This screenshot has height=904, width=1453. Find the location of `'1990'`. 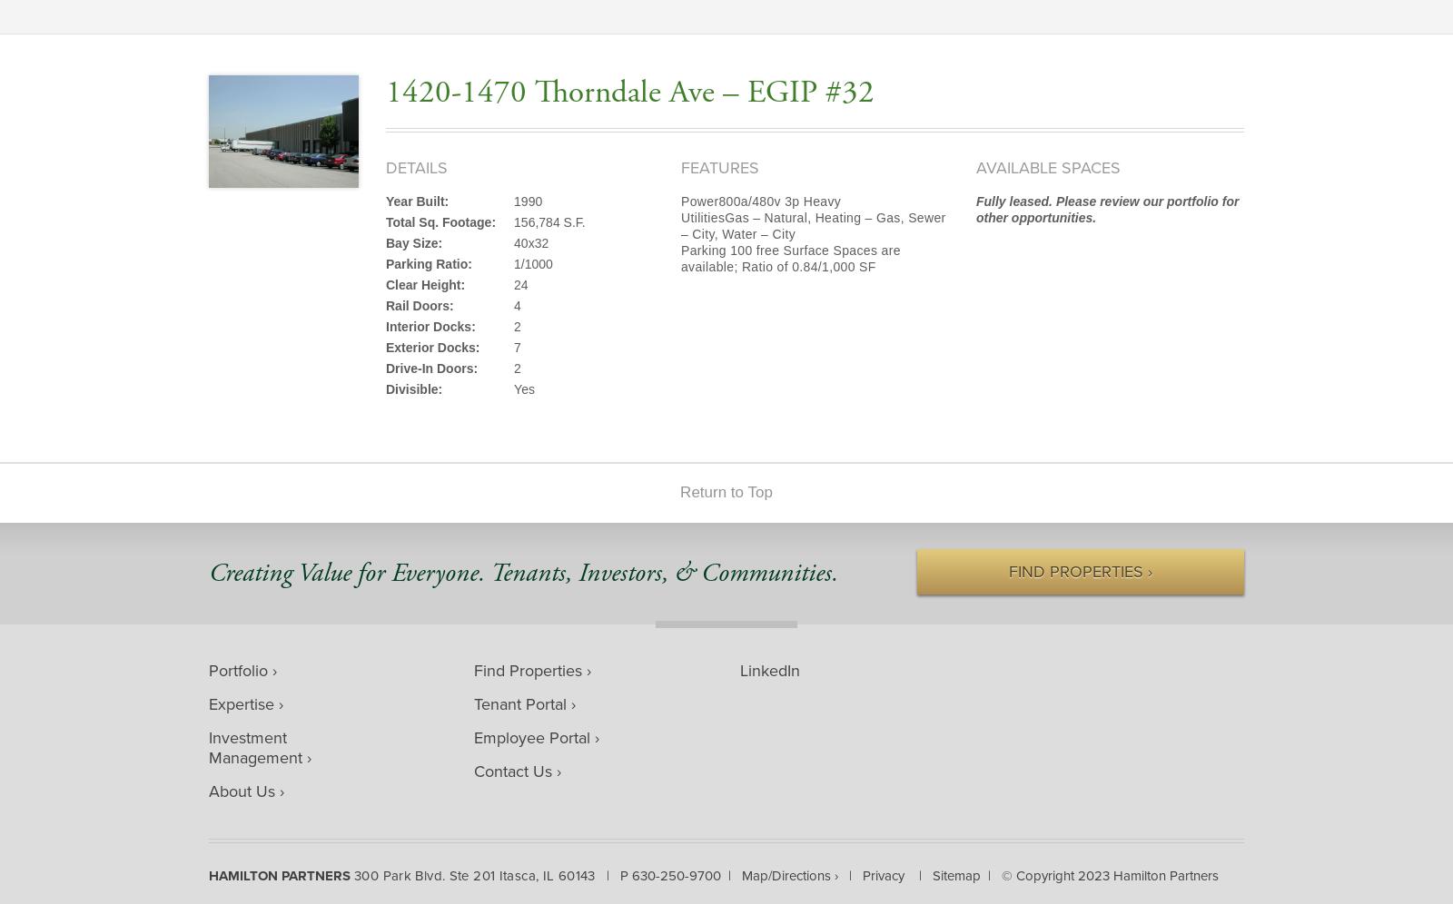

'1990' is located at coordinates (527, 200).